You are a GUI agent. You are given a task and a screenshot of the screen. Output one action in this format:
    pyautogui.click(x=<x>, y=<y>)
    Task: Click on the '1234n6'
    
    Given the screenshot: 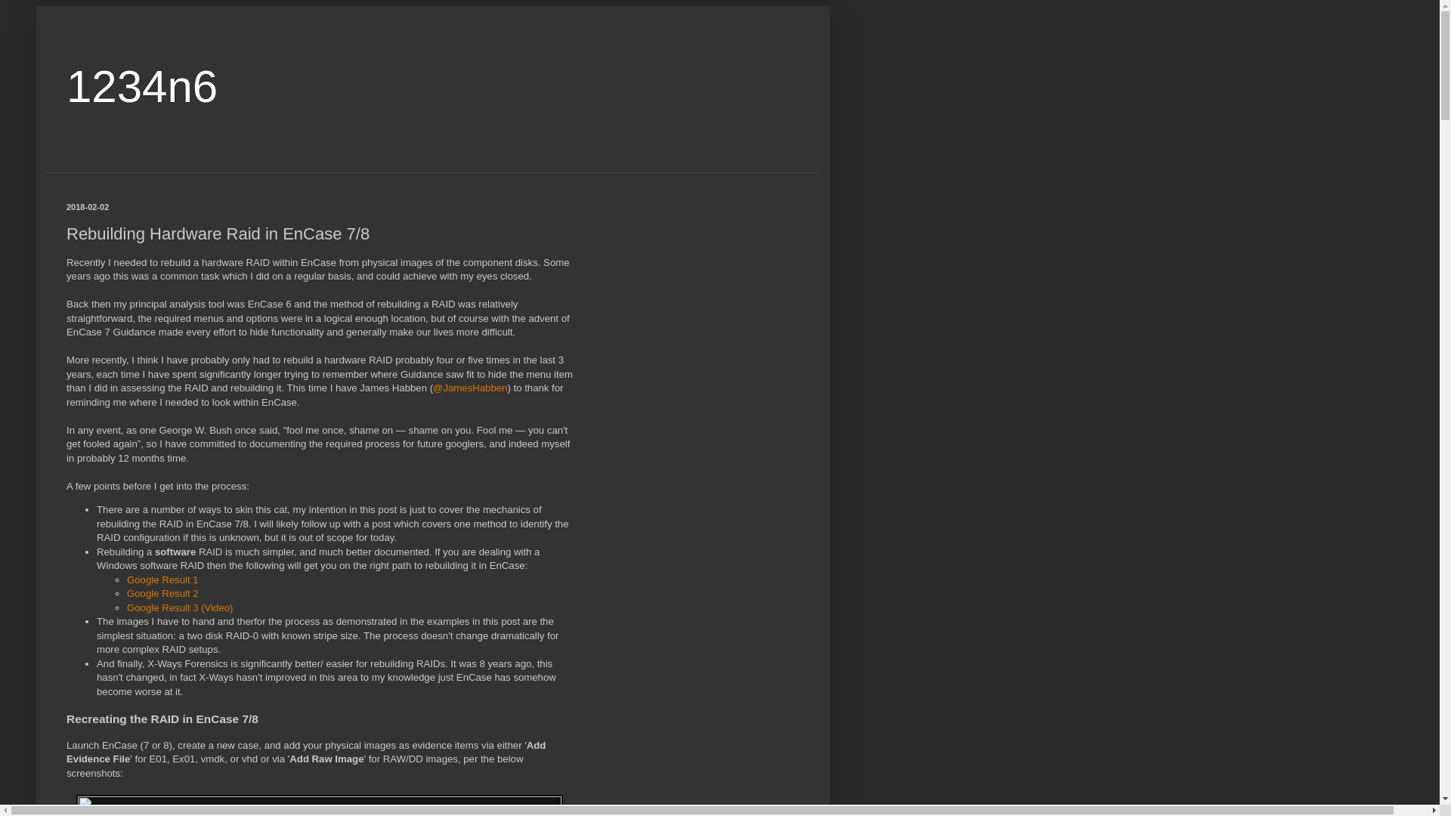 What is the action you would take?
    pyautogui.click(x=141, y=86)
    